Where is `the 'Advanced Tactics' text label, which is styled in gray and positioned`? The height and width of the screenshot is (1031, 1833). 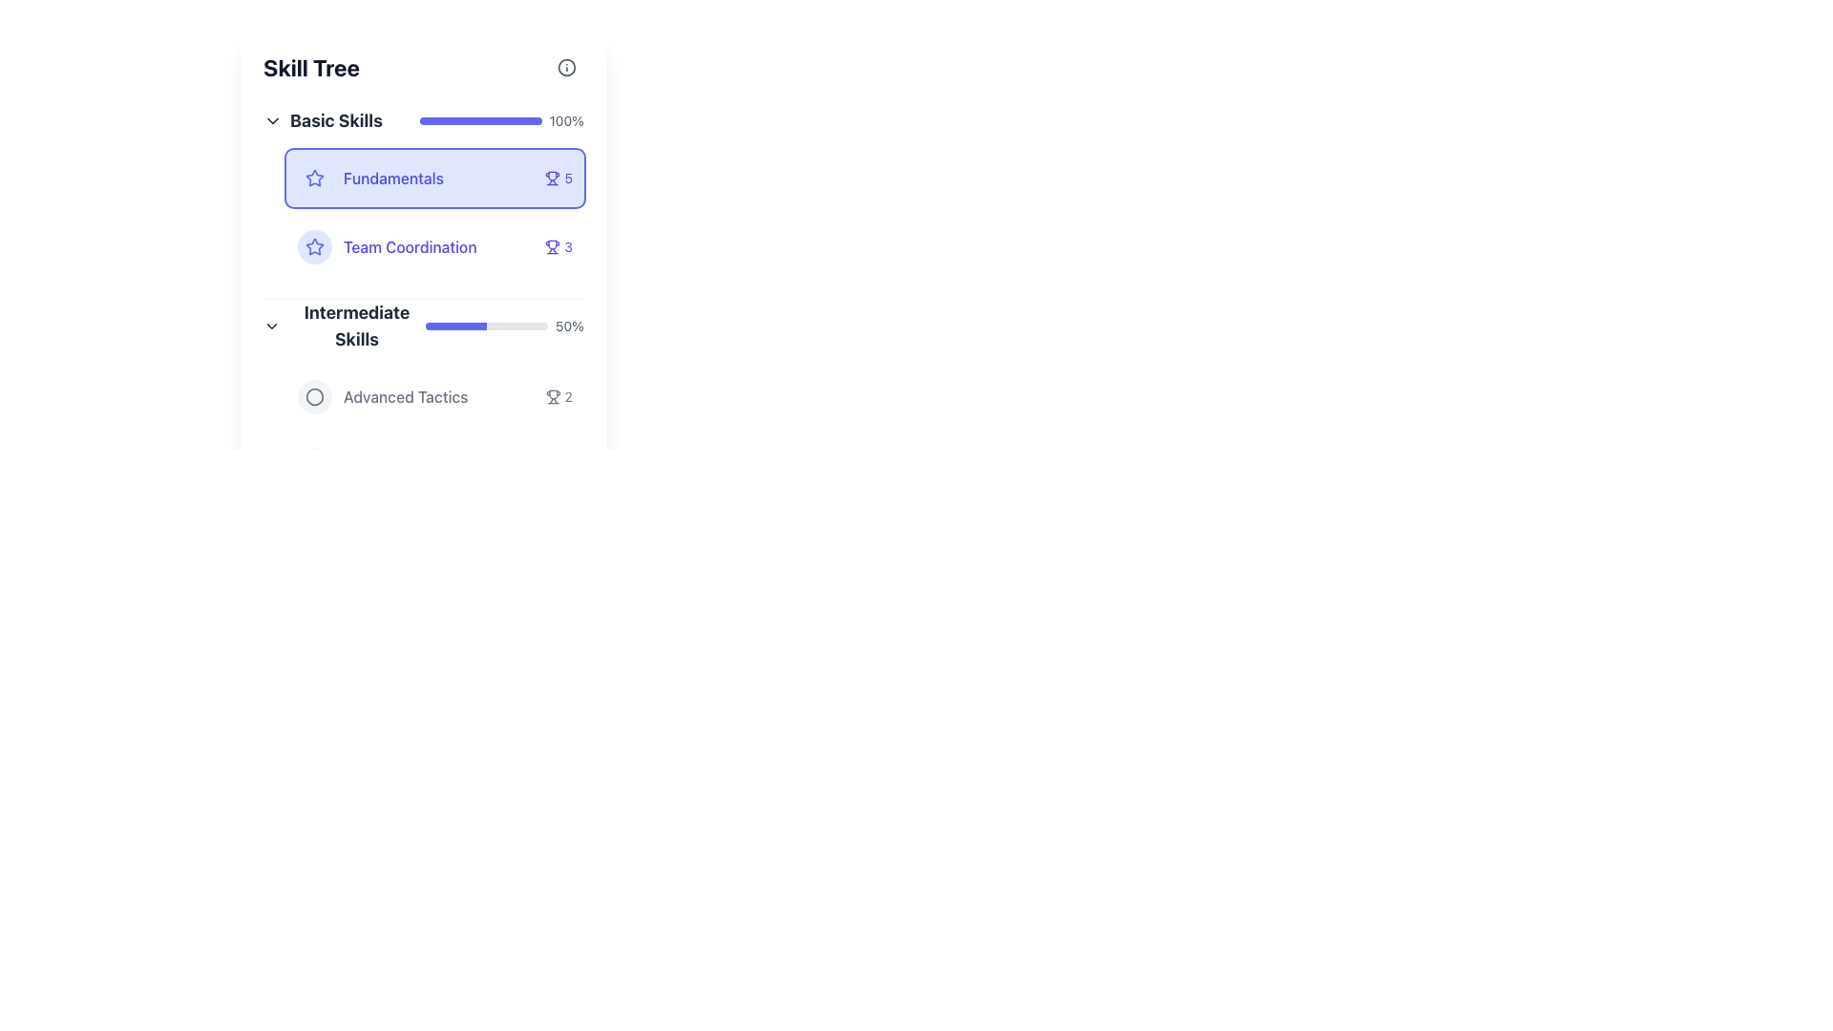
the 'Advanced Tactics' text label, which is styled in gray and positioned is located at coordinates (405, 396).